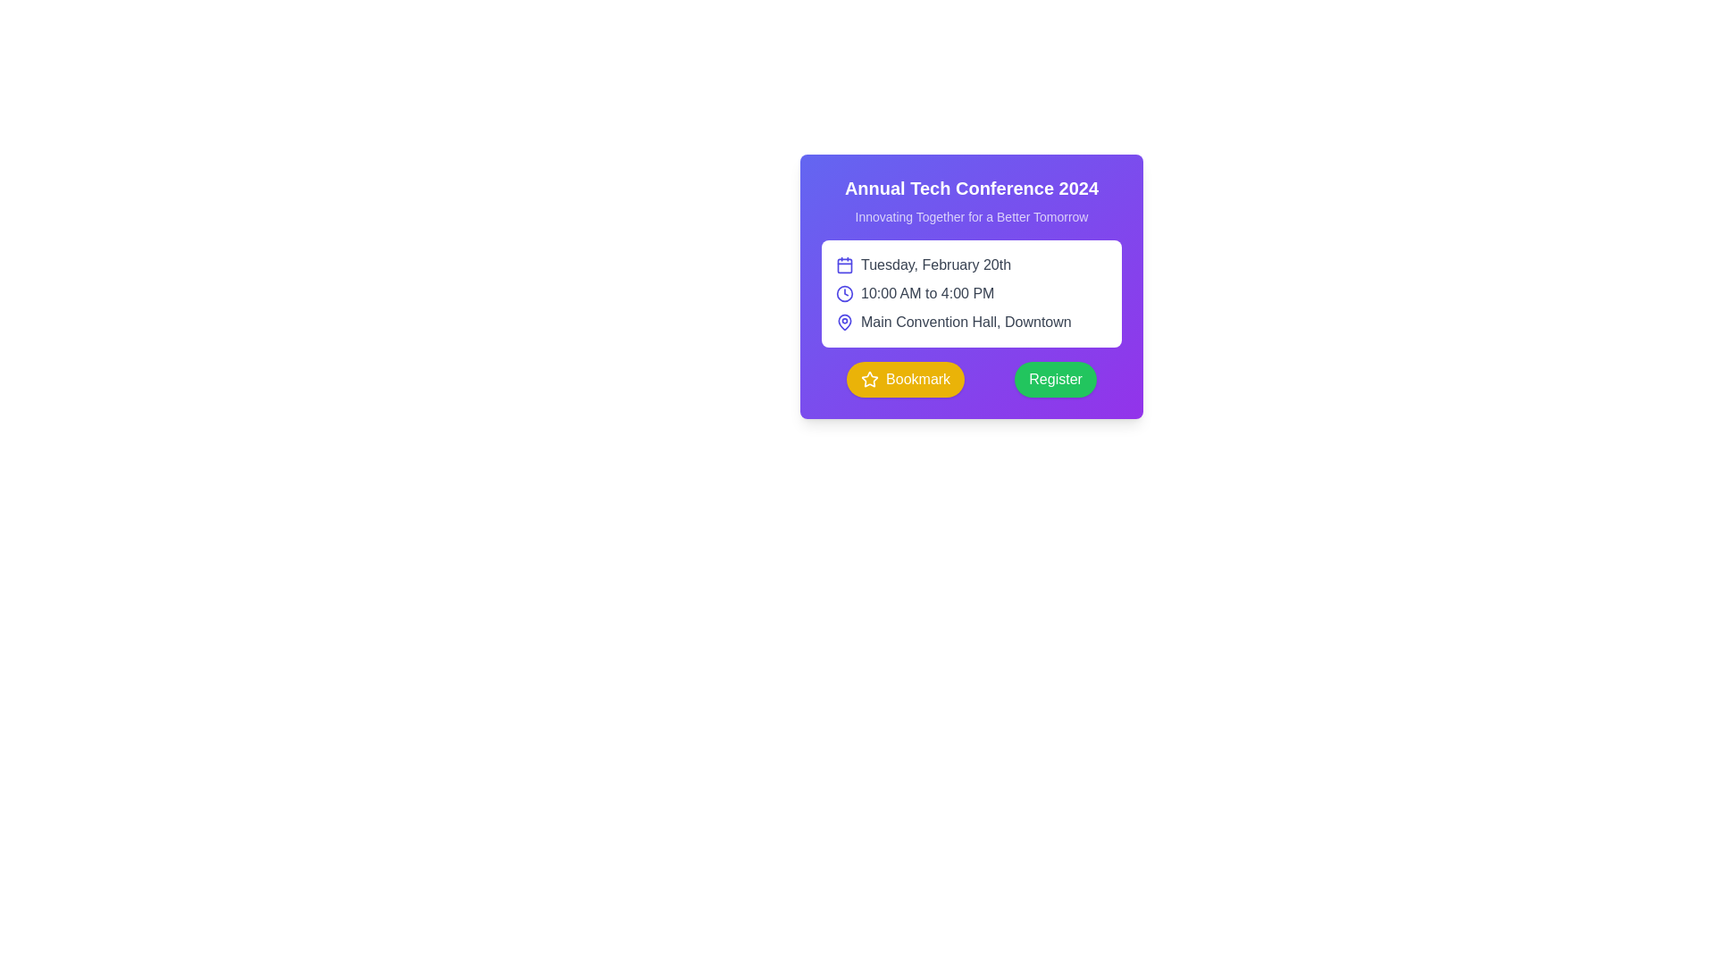 The height and width of the screenshot is (965, 1715). What do you see at coordinates (870, 378) in the screenshot?
I see `the decorative star icon located at the bottom center of the interface, just above the 'Bookmark' button, to interact with it` at bounding box center [870, 378].